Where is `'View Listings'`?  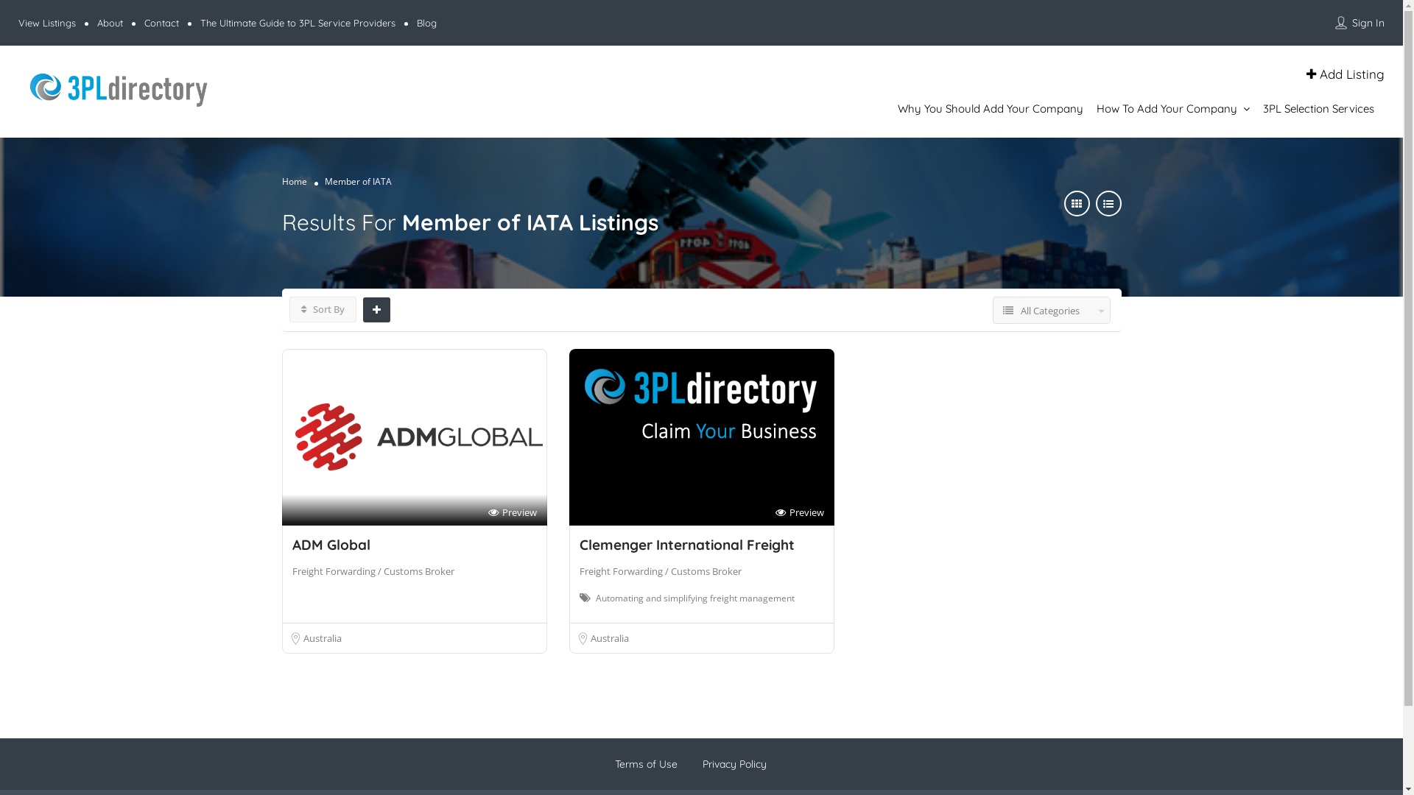
'View Listings' is located at coordinates (46, 22).